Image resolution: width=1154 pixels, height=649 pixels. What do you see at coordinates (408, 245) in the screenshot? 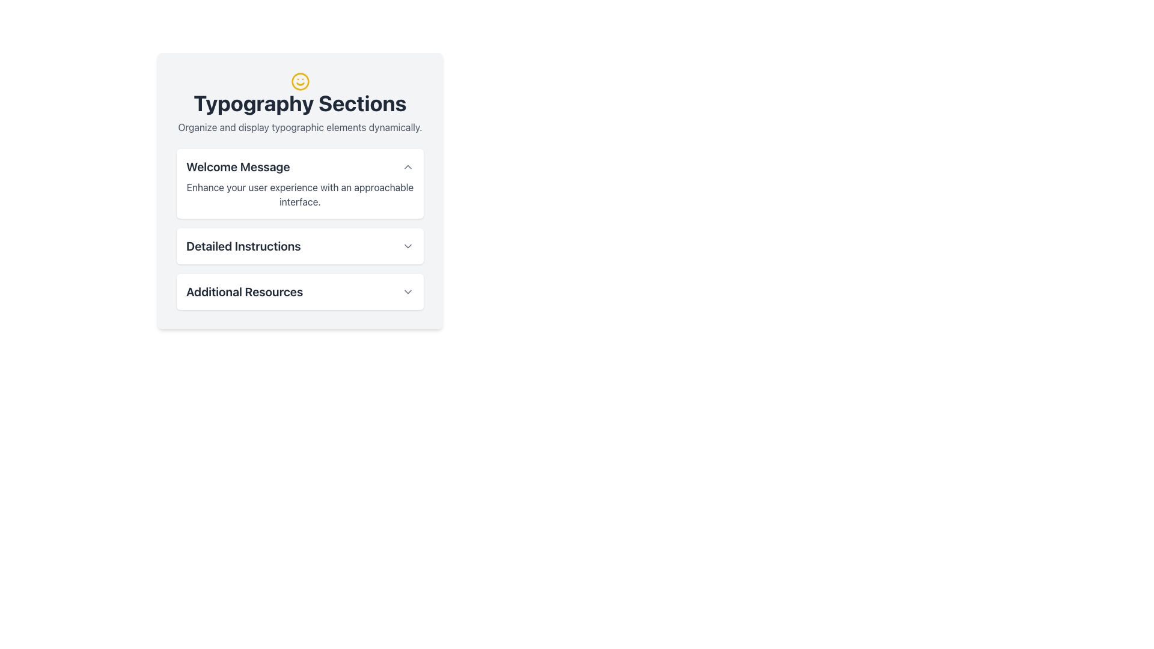
I see `the interactive chevron icon located to the far right of the 'Detailed Instructions' heading to alter its visual state` at bounding box center [408, 245].